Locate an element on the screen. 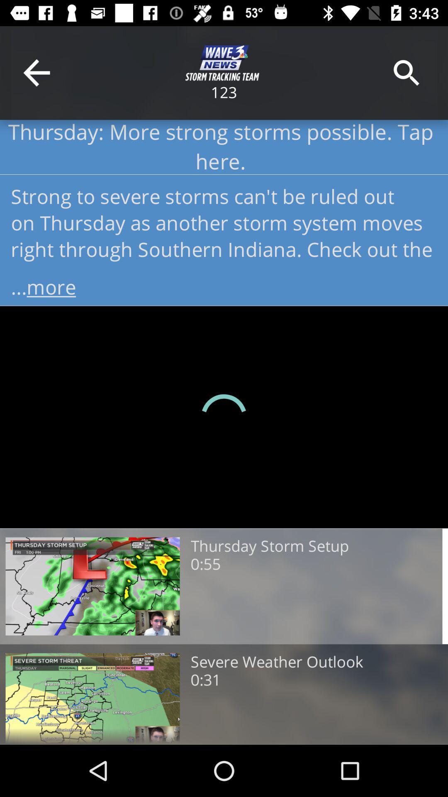  severe weather outlook icon is located at coordinates (277, 662).